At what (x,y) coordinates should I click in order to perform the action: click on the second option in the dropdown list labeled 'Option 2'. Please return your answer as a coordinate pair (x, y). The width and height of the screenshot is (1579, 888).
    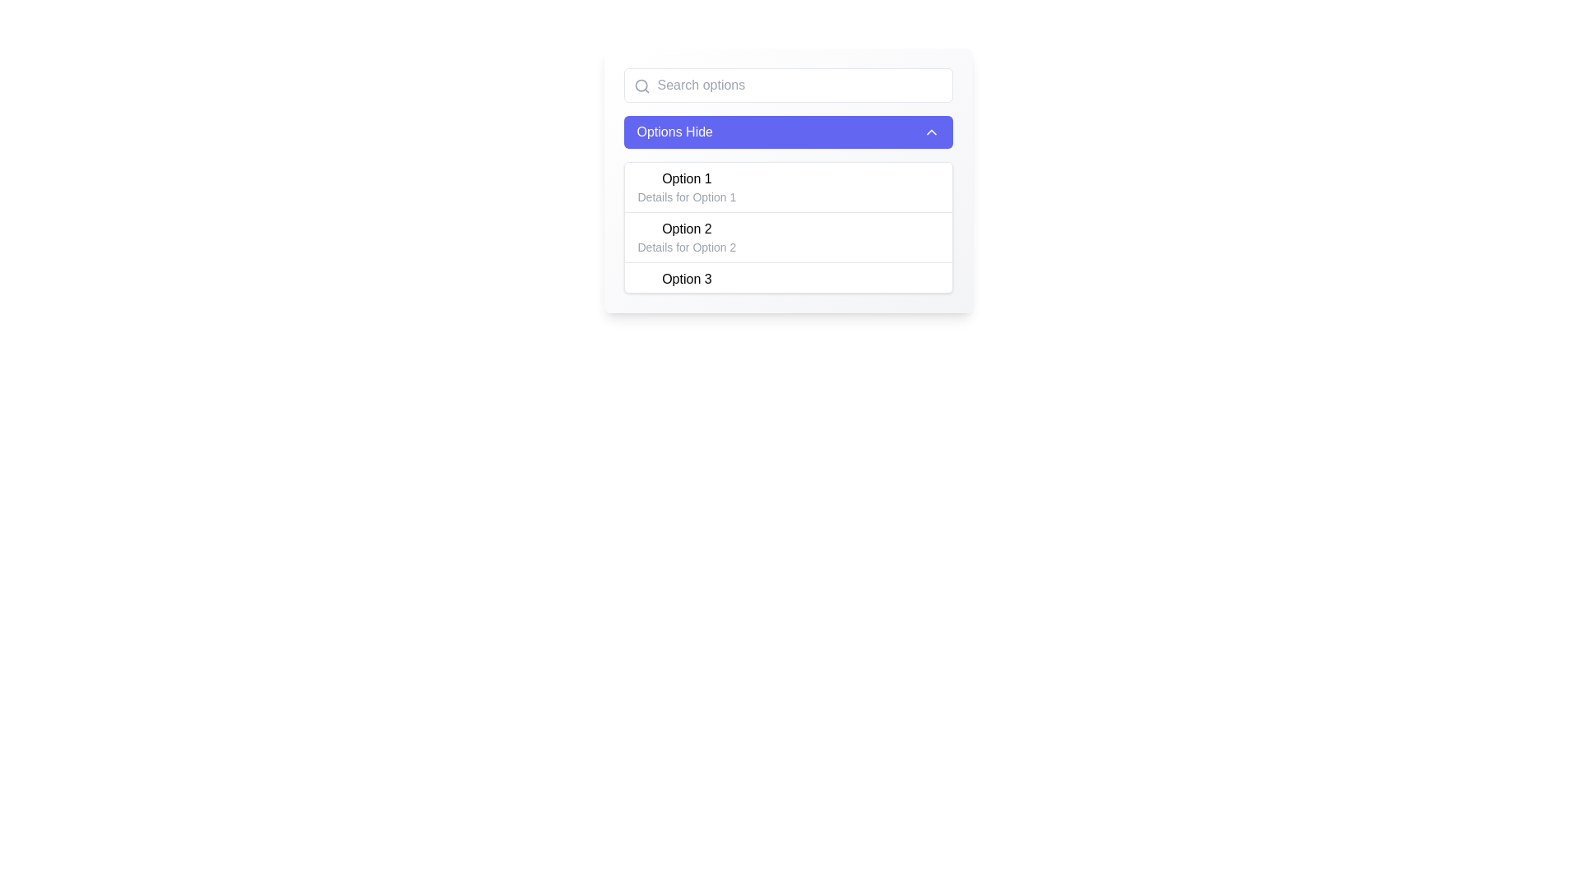
    Looking at the image, I should click on (787, 237).